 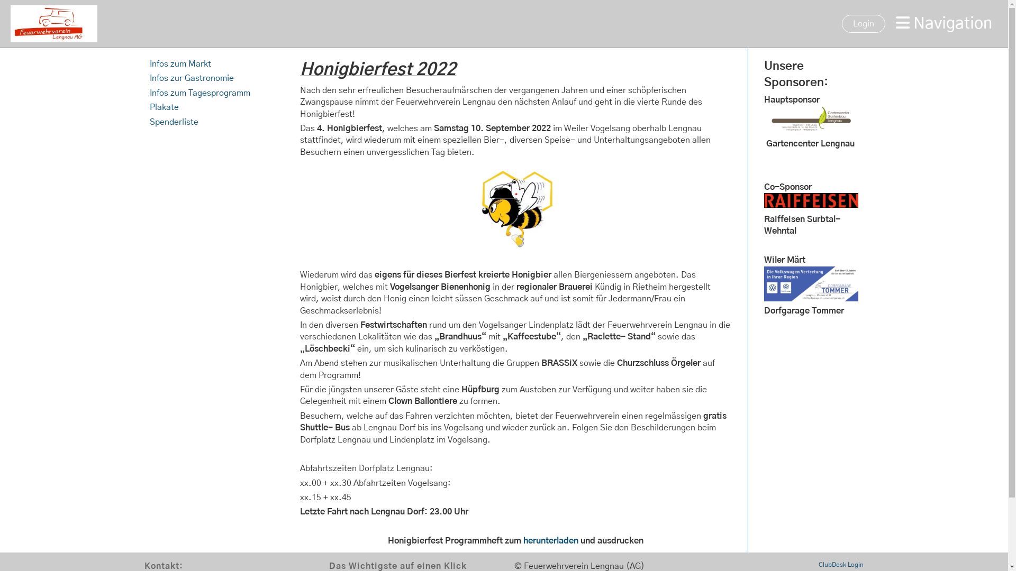 What do you see at coordinates (840, 564) in the screenshot?
I see `'ClubDesk Login'` at bounding box center [840, 564].